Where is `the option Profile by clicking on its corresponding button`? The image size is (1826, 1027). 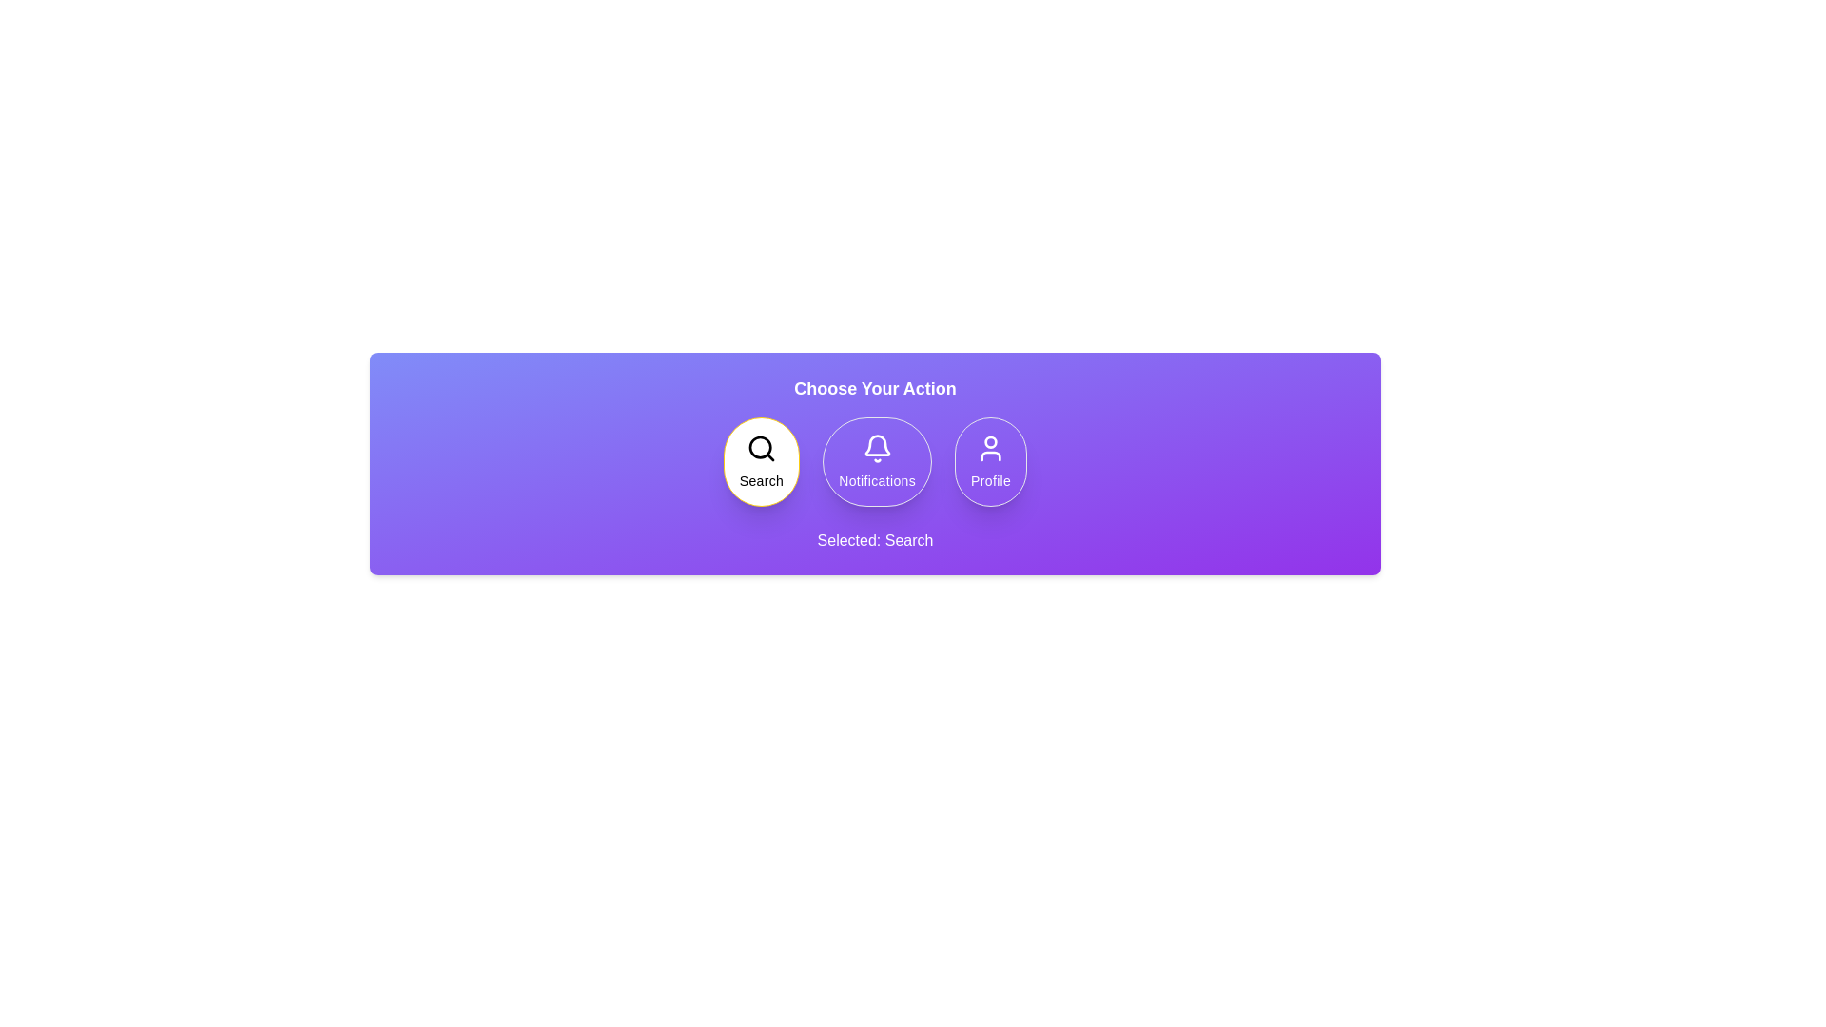
the option Profile by clicking on its corresponding button is located at coordinates (989, 462).